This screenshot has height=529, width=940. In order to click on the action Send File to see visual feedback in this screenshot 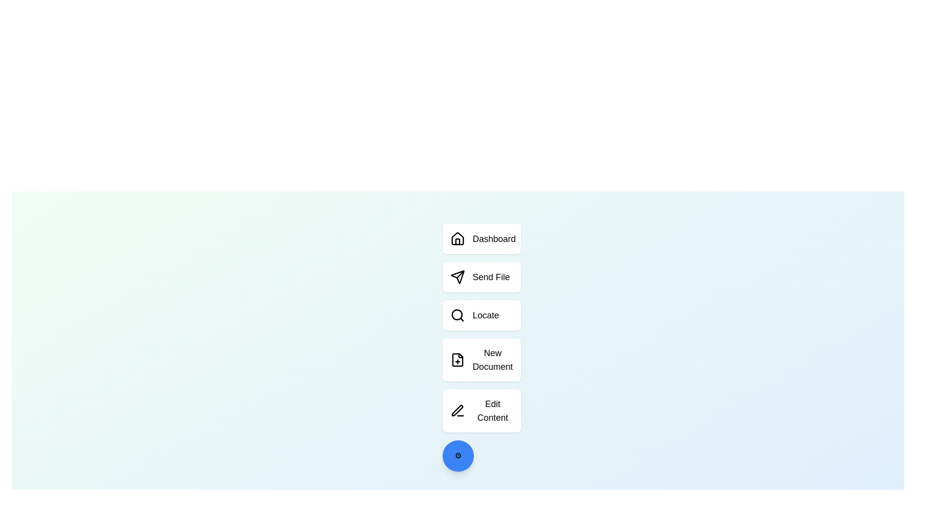, I will do `click(481, 277)`.